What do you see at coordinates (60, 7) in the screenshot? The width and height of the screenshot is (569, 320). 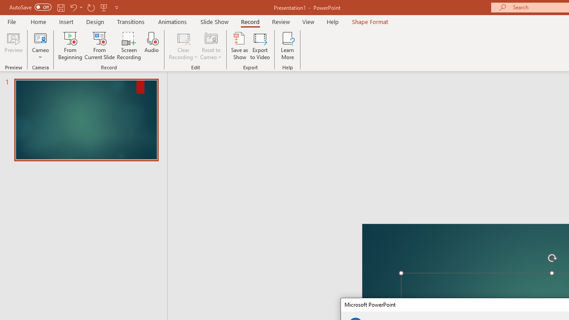 I see `'Save'` at bounding box center [60, 7].